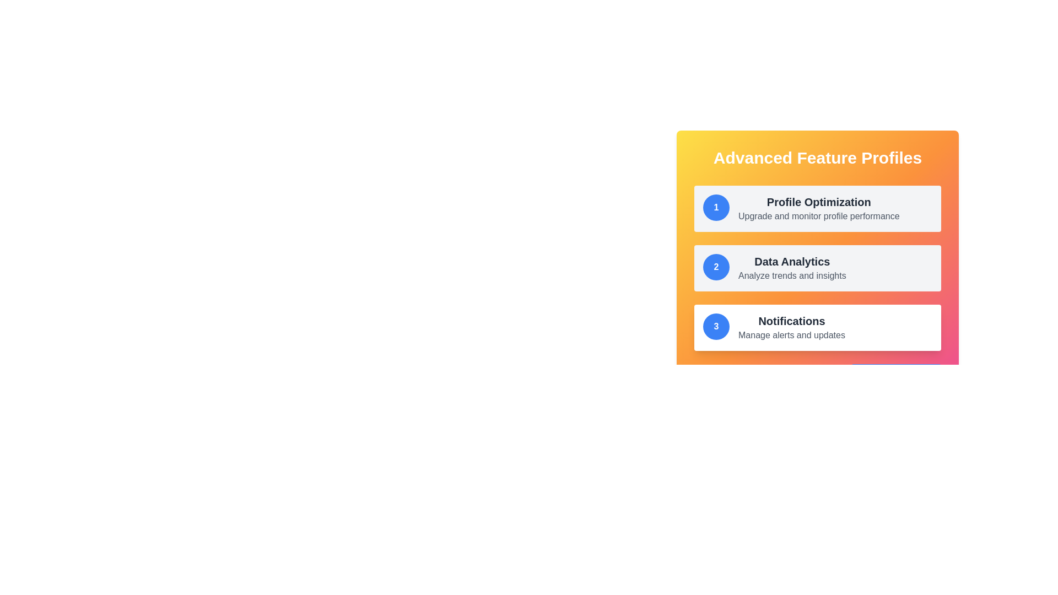 The width and height of the screenshot is (1058, 595). Describe the element at coordinates (791, 275) in the screenshot. I see `the informational text that provides additional details about the 'Data Analytics' feature, located beneath the 'Data Analytics' heading` at that location.